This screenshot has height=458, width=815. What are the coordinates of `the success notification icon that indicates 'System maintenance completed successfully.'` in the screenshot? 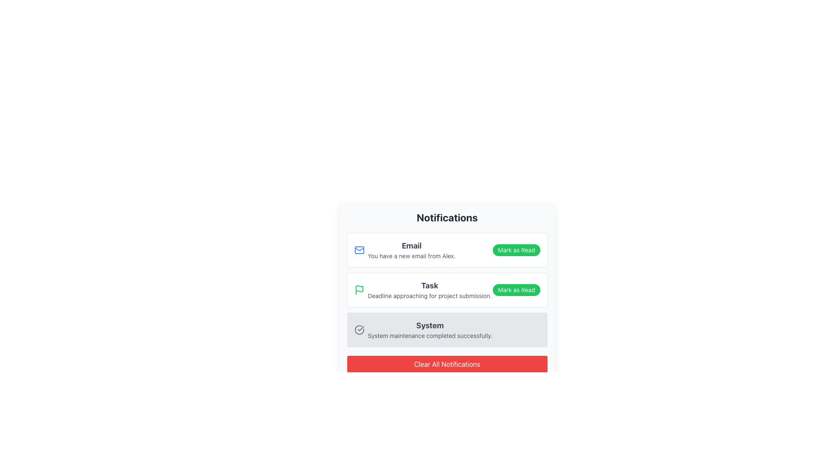 It's located at (359, 330).